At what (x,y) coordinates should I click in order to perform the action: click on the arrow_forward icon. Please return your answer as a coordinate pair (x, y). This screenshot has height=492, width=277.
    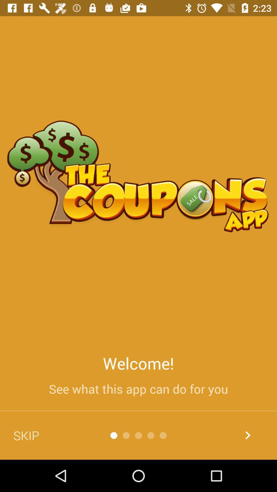
    Looking at the image, I should click on (247, 435).